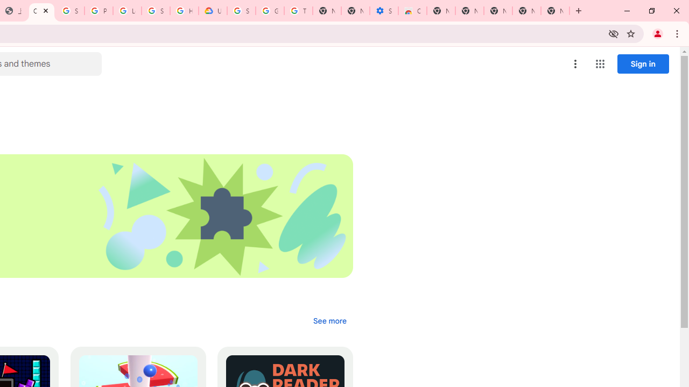 Image resolution: width=689 pixels, height=387 pixels. What do you see at coordinates (41, 11) in the screenshot?
I see `'Chrome Web Store - Extensions'` at bounding box center [41, 11].